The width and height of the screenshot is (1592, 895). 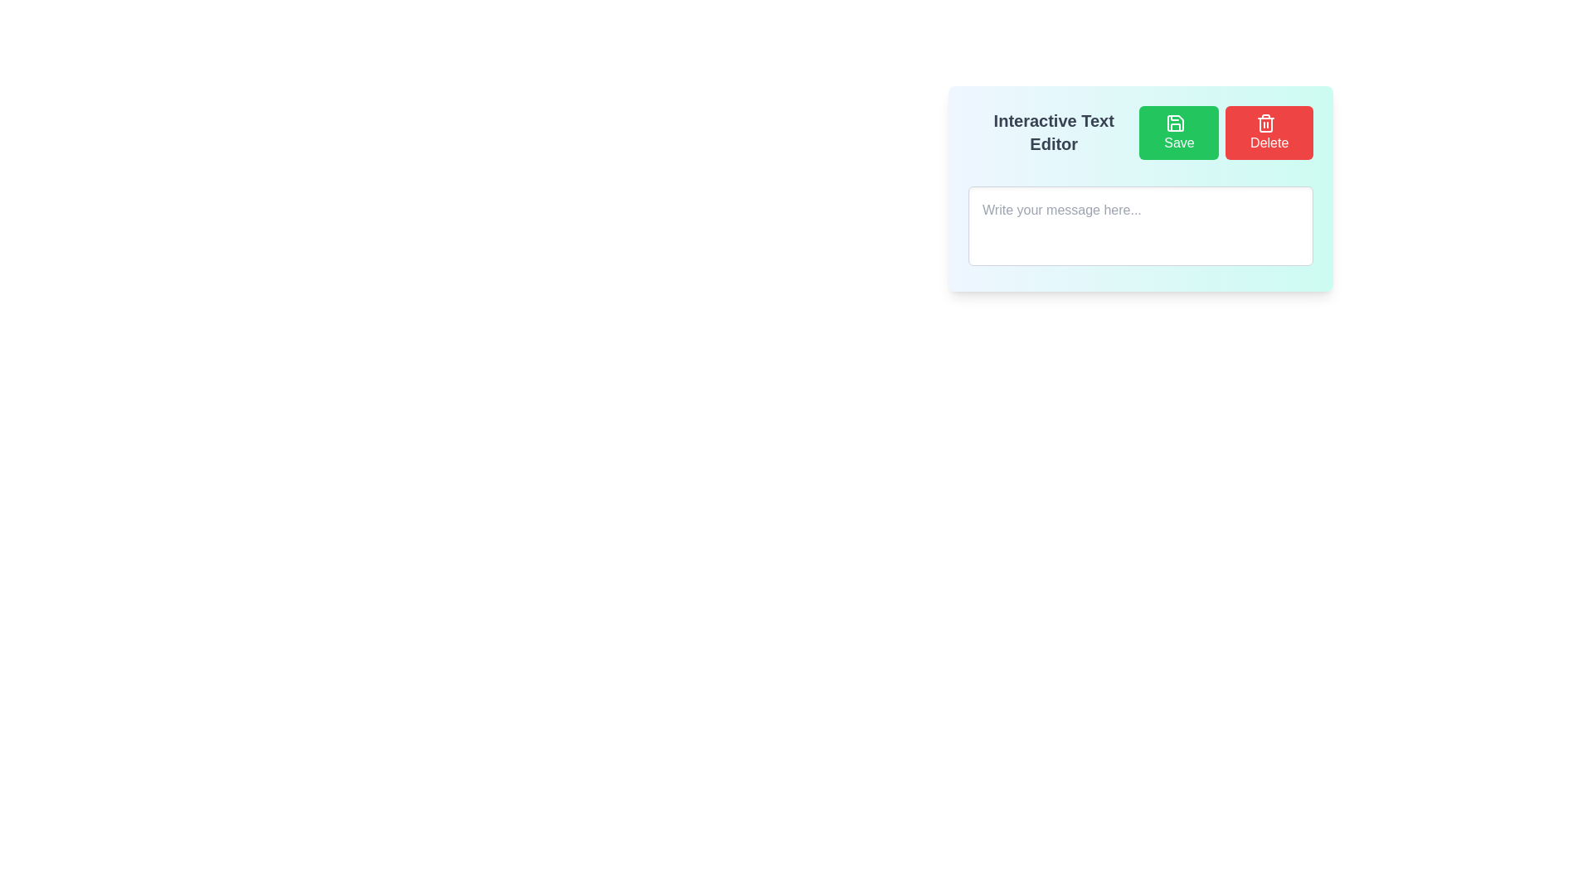 I want to click on the disk icon within the green 'Save' button located at the top-right corner of the rectangular user interface card, so click(x=1175, y=122).